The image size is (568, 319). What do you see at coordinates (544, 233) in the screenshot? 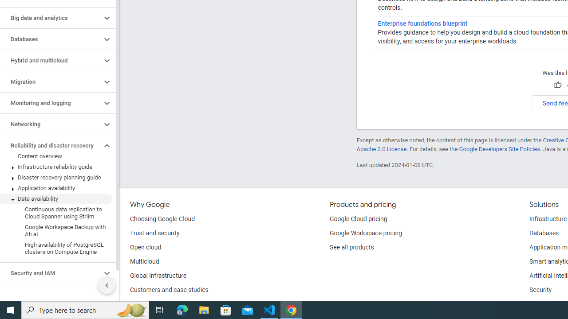
I see `'Databases'` at bounding box center [544, 233].